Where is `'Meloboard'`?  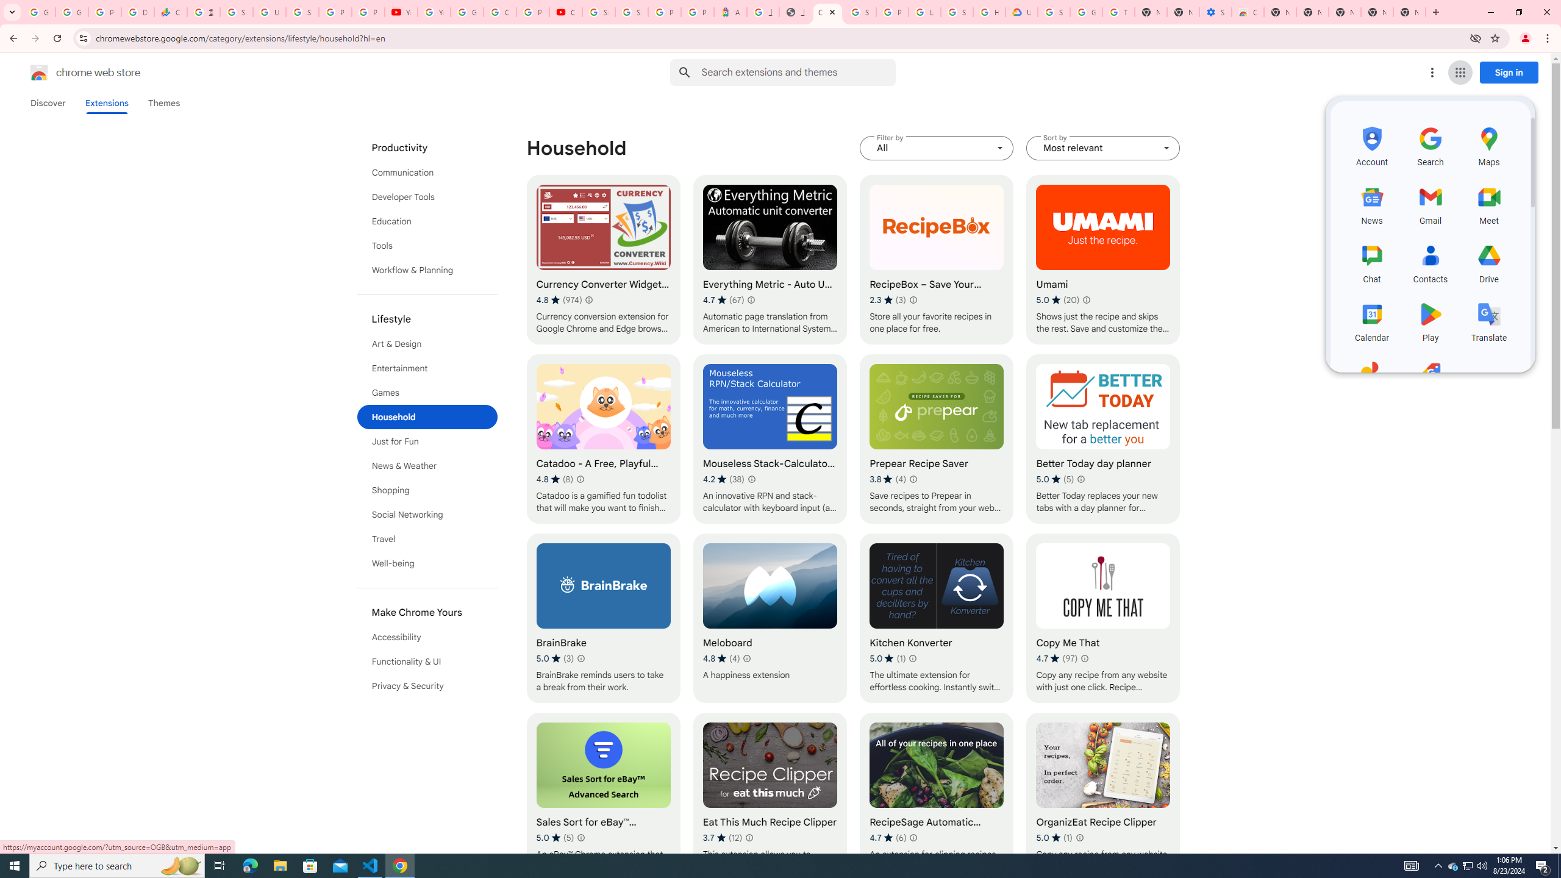 'Meloboard' is located at coordinates (770, 618).